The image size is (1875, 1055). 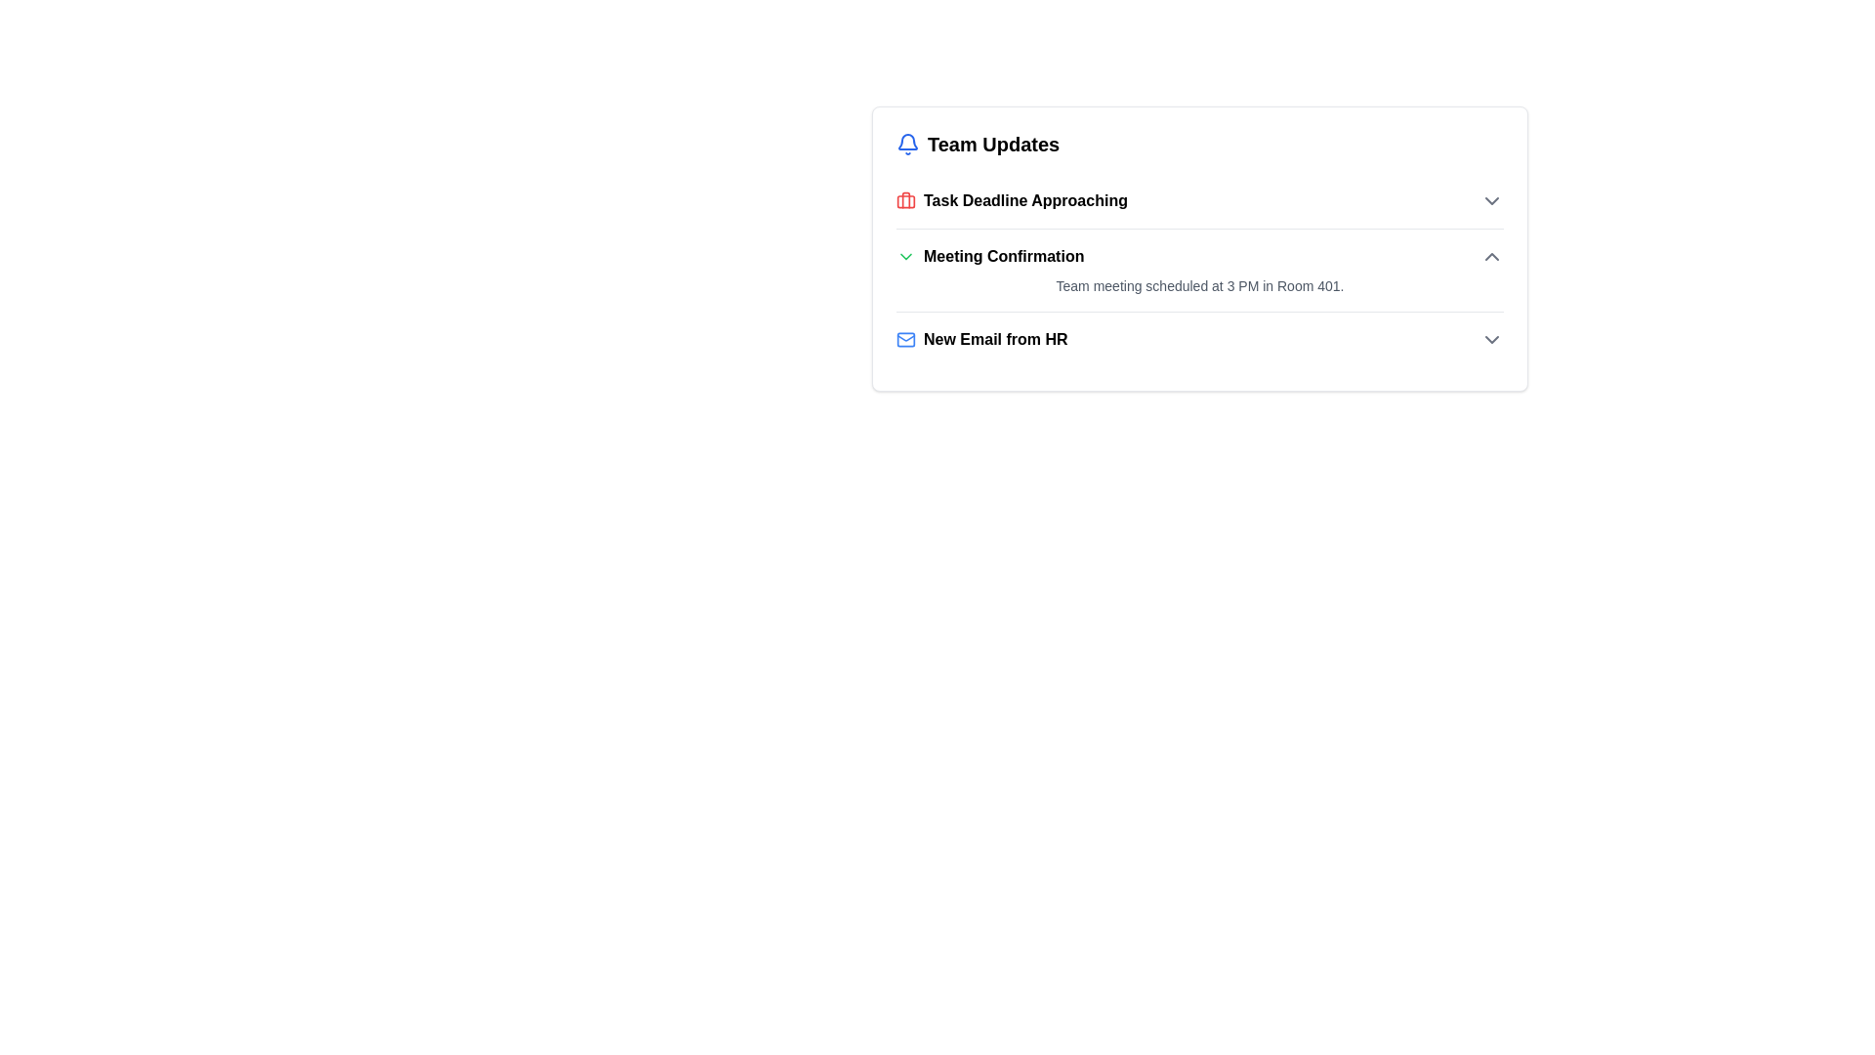 I want to click on the downward-pointing chevron button styled in gray tones, located on the far right side of the 'New Email from HR' section, so click(x=1490, y=338).